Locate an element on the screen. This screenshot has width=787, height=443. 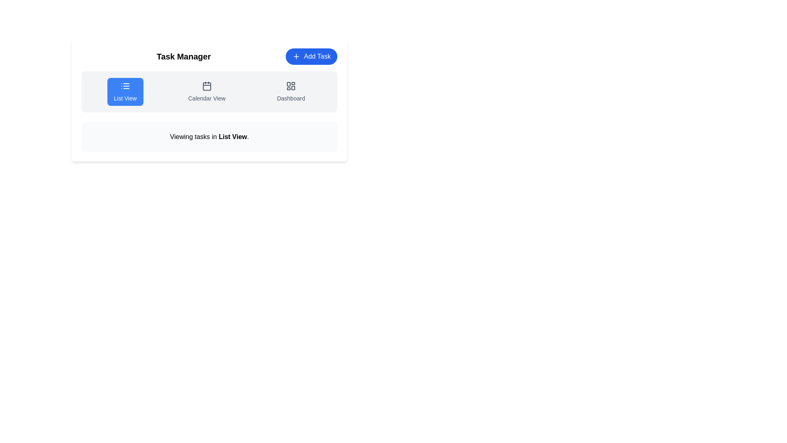
the list icon with a blue background, which features three lines on the right and three dots aligned vertically on the left, located inside the 'List View' button, the first button from the left is located at coordinates (125, 86).